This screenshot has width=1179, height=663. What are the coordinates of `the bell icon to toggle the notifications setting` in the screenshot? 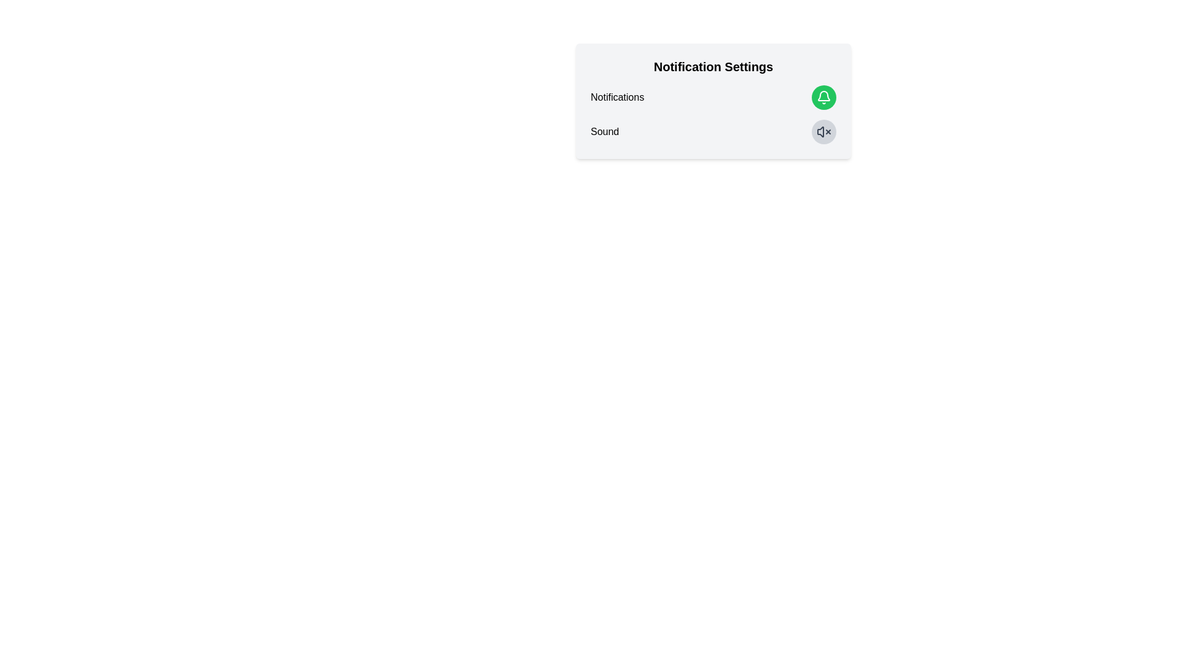 It's located at (824, 96).